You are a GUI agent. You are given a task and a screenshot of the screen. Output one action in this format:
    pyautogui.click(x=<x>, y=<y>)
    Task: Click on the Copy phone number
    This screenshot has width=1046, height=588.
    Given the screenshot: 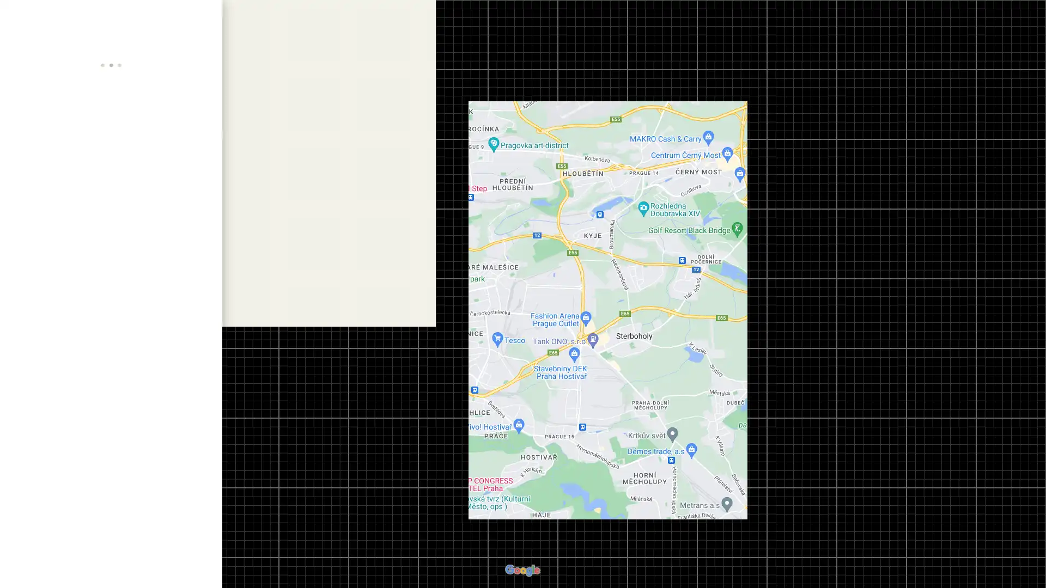 What is the action you would take?
    pyautogui.click(x=187, y=317)
    